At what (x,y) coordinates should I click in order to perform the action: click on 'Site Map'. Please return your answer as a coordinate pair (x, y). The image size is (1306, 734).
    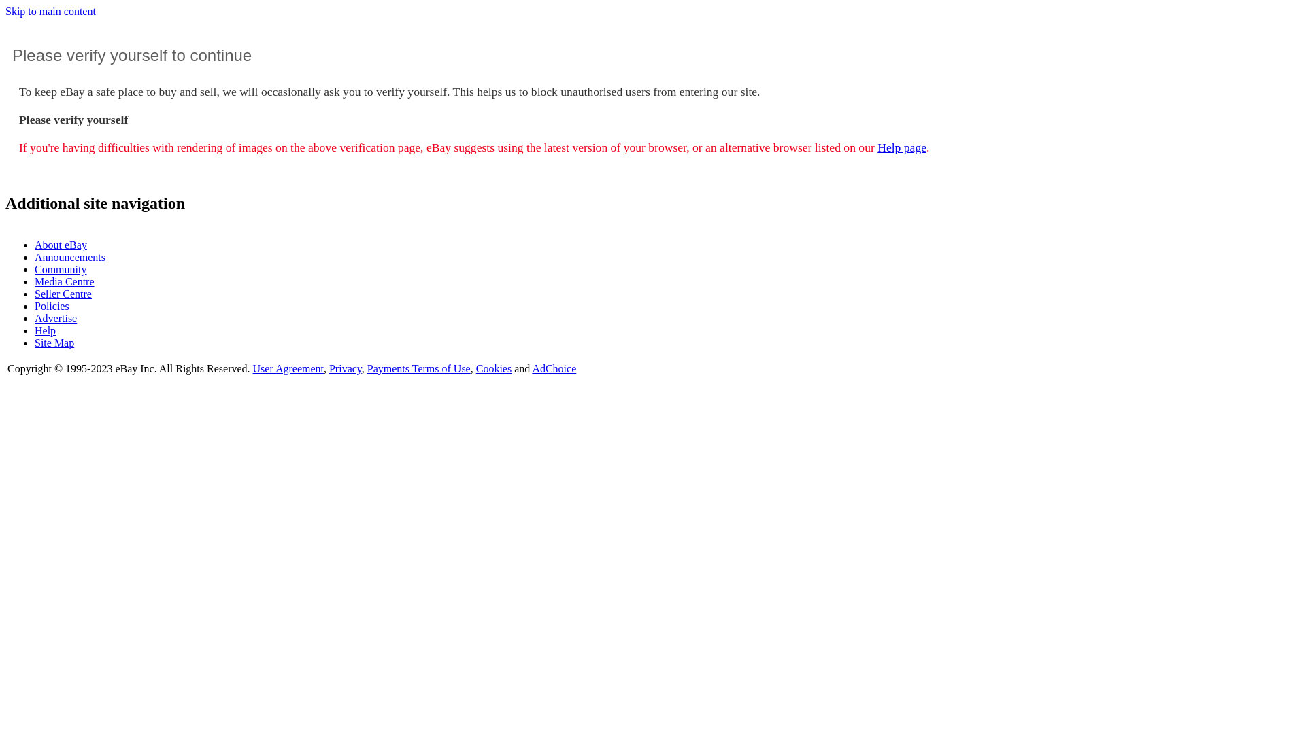
    Looking at the image, I should click on (54, 342).